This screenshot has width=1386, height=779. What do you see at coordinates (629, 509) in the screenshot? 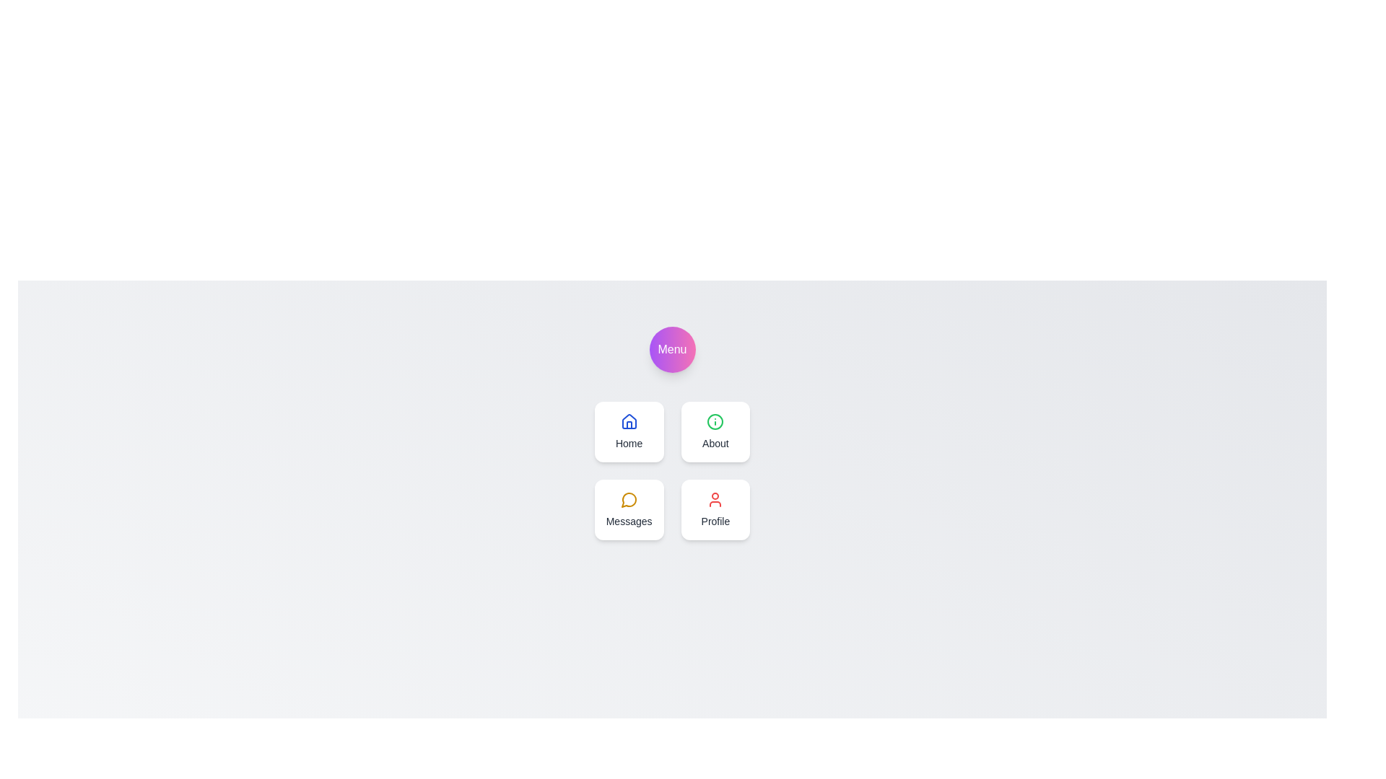
I see `the 'Messages' navigation item` at bounding box center [629, 509].